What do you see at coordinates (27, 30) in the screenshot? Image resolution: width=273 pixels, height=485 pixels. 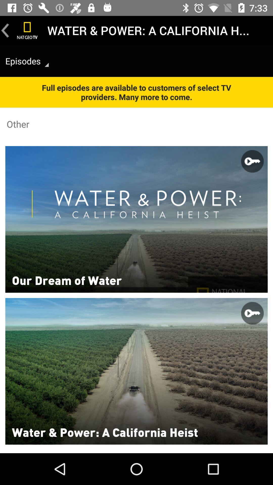 I see `icon next to the water power a icon` at bounding box center [27, 30].